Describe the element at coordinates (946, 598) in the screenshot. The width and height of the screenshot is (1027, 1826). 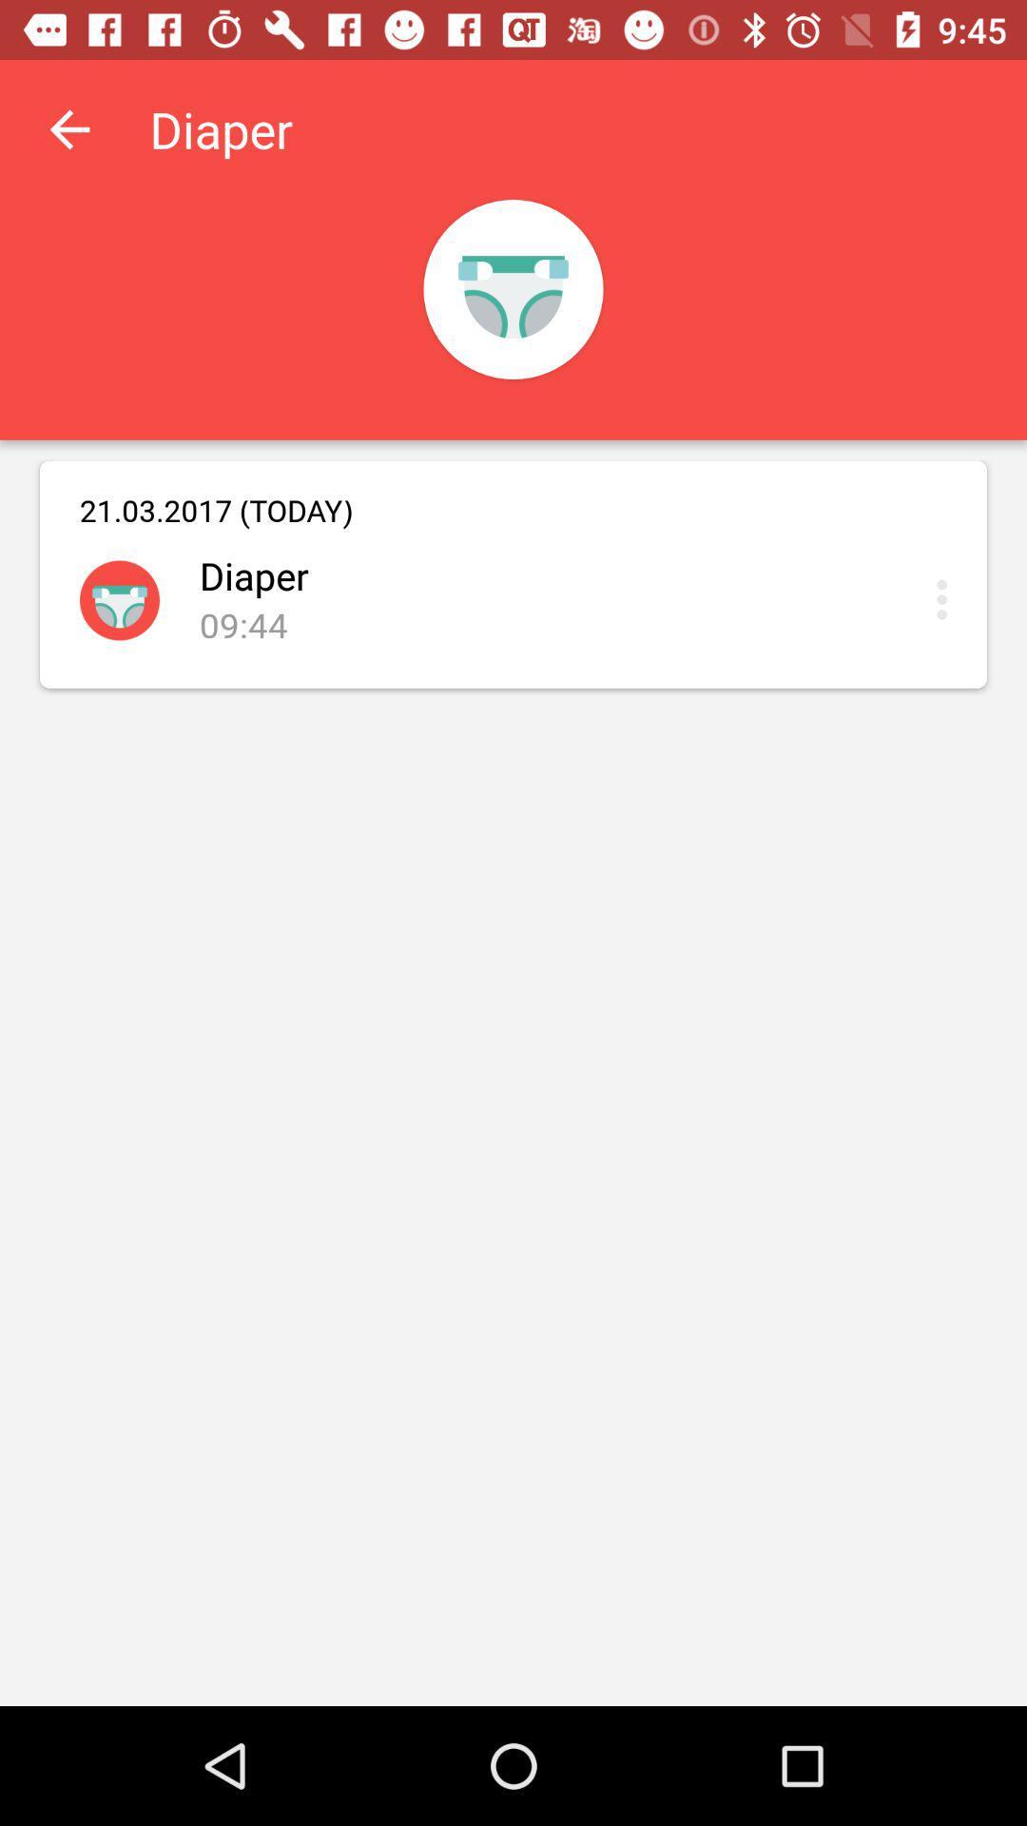
I see `options for this file` at that location.